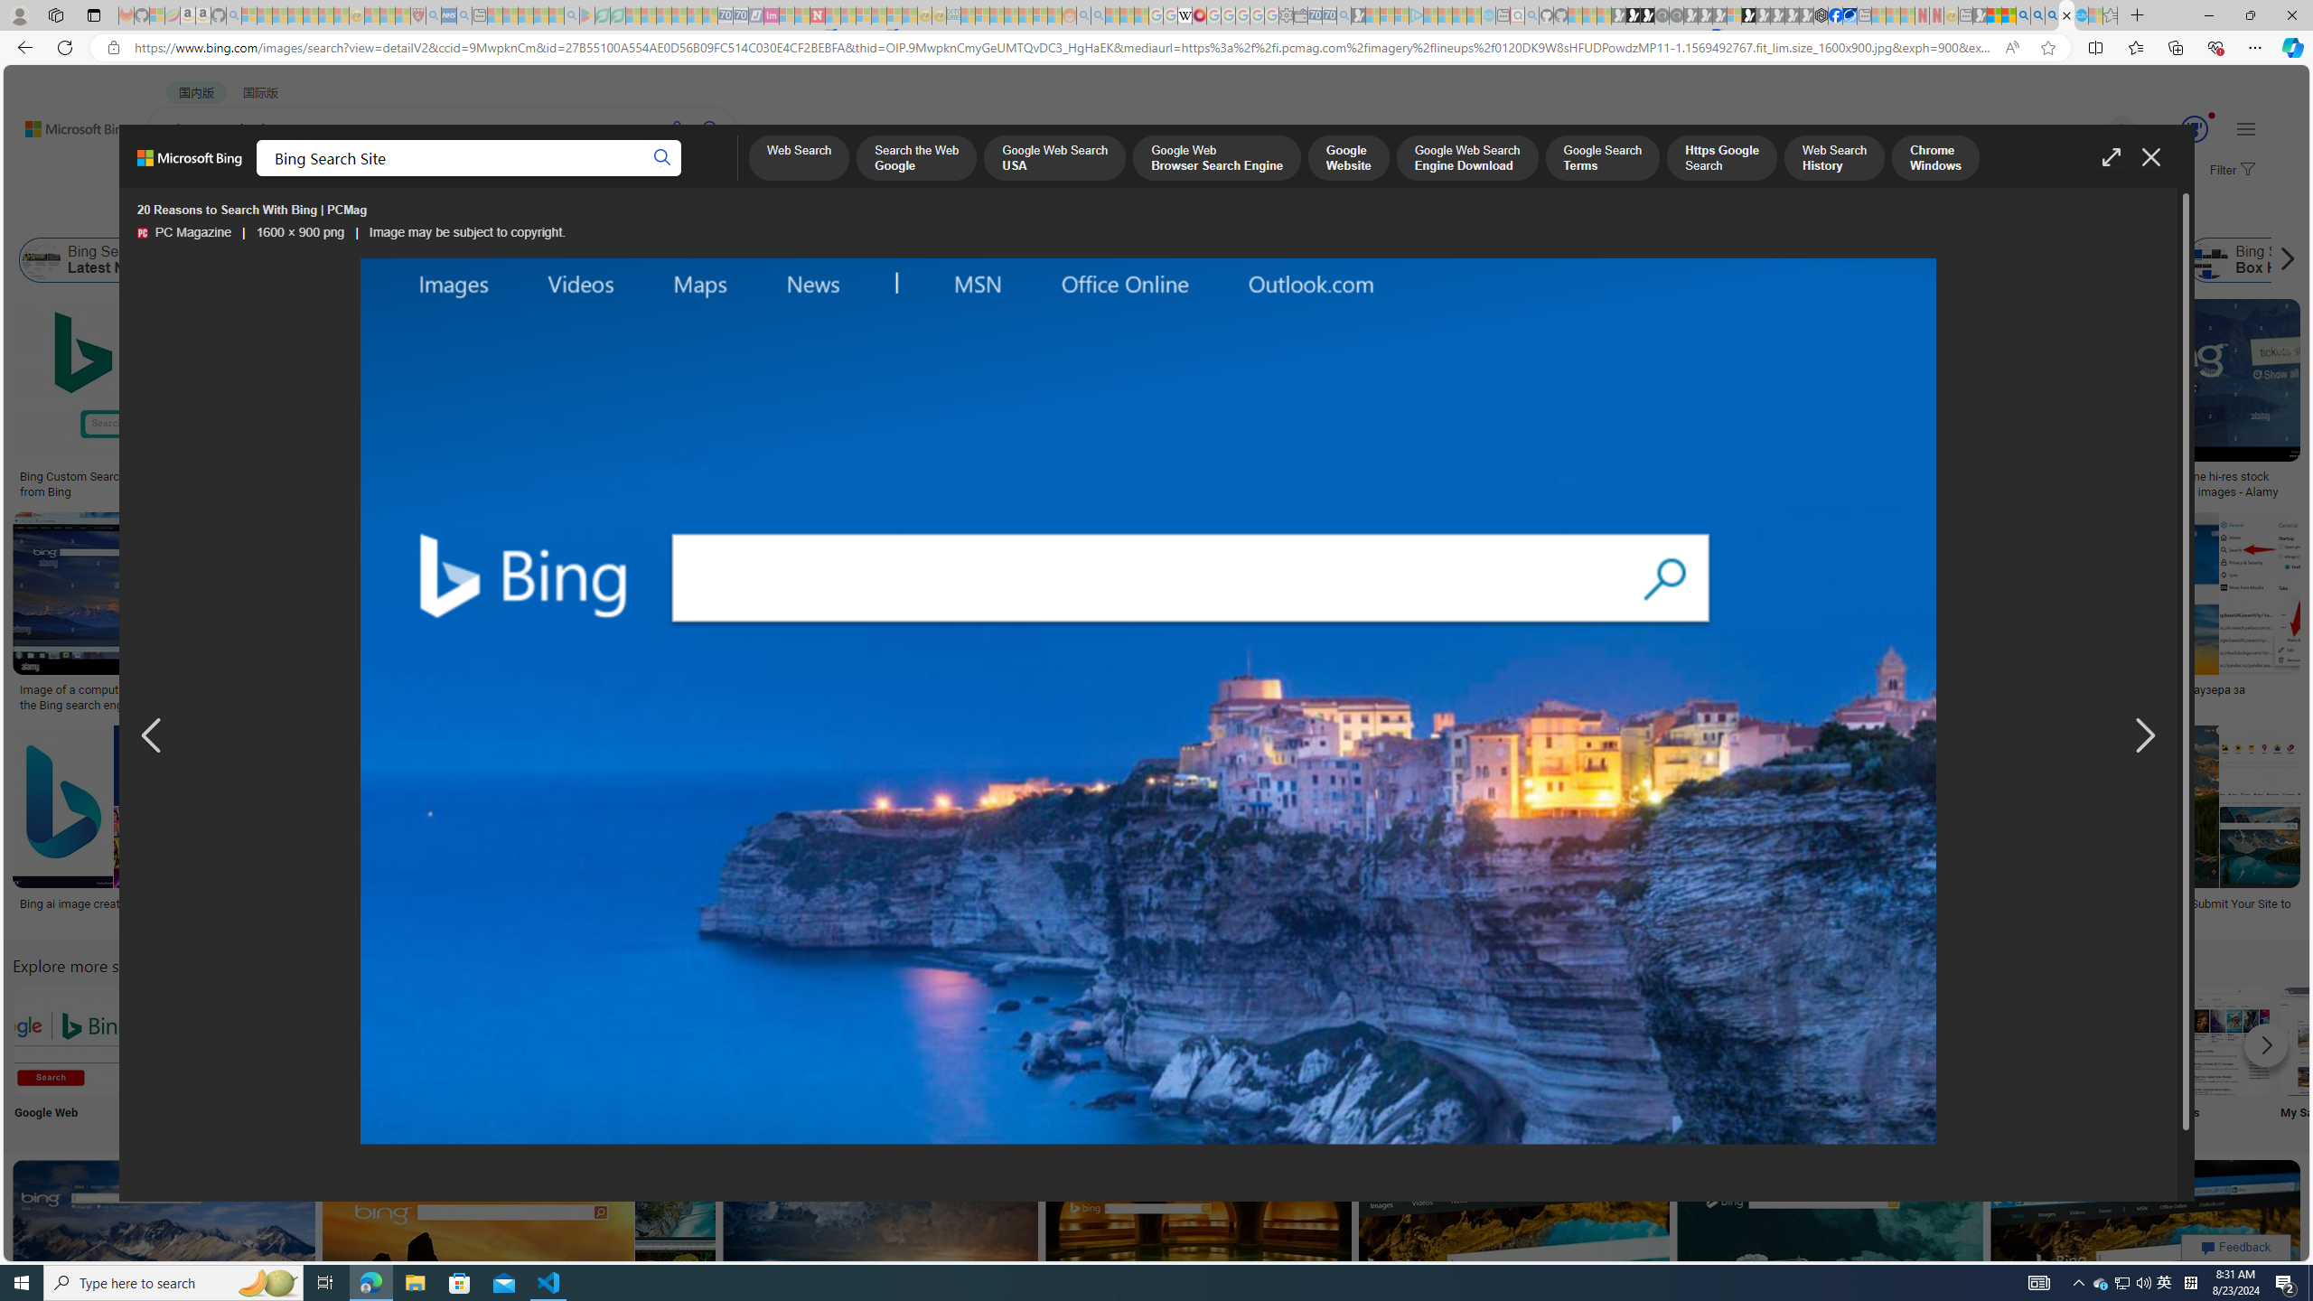 Image resolution: width=2313 pixels, height=1301 pixels. Describe the element at coordinates (1834, 159) in the screenshot. I see `'Web Search History'` at that location.